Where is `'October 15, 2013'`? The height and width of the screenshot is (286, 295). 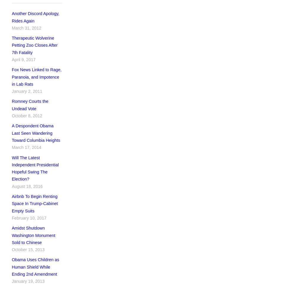 'October 15, 2013' is located at coordinates (28, 249).